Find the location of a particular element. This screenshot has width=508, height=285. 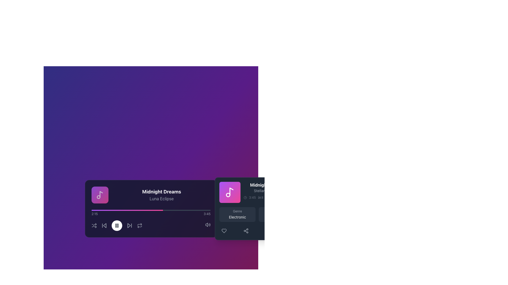

the Pause button icon, which is a circular button with a white background located at the bottom center of the music player interface is located at coordinates (116, 226).